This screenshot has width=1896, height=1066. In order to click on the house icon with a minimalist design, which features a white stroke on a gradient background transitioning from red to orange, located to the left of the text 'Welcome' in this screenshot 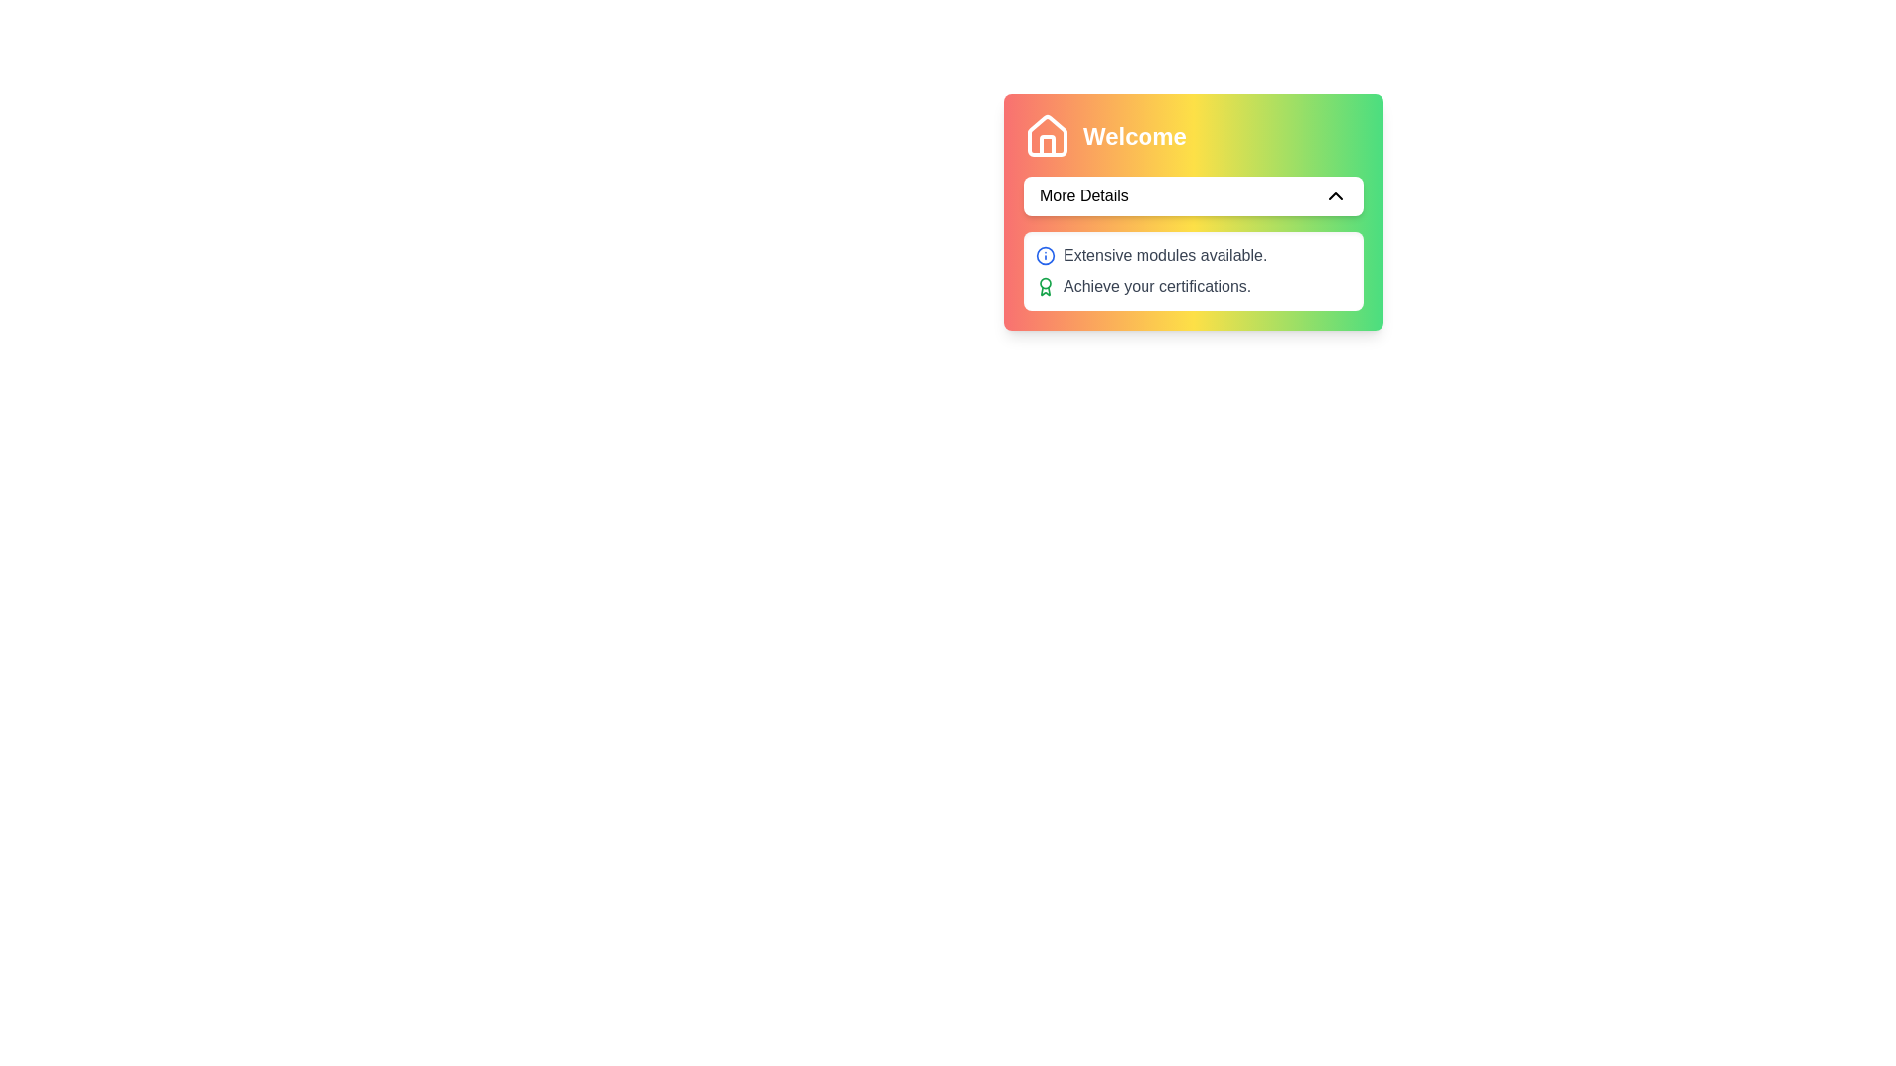, I will do `click(1046, 135)`.